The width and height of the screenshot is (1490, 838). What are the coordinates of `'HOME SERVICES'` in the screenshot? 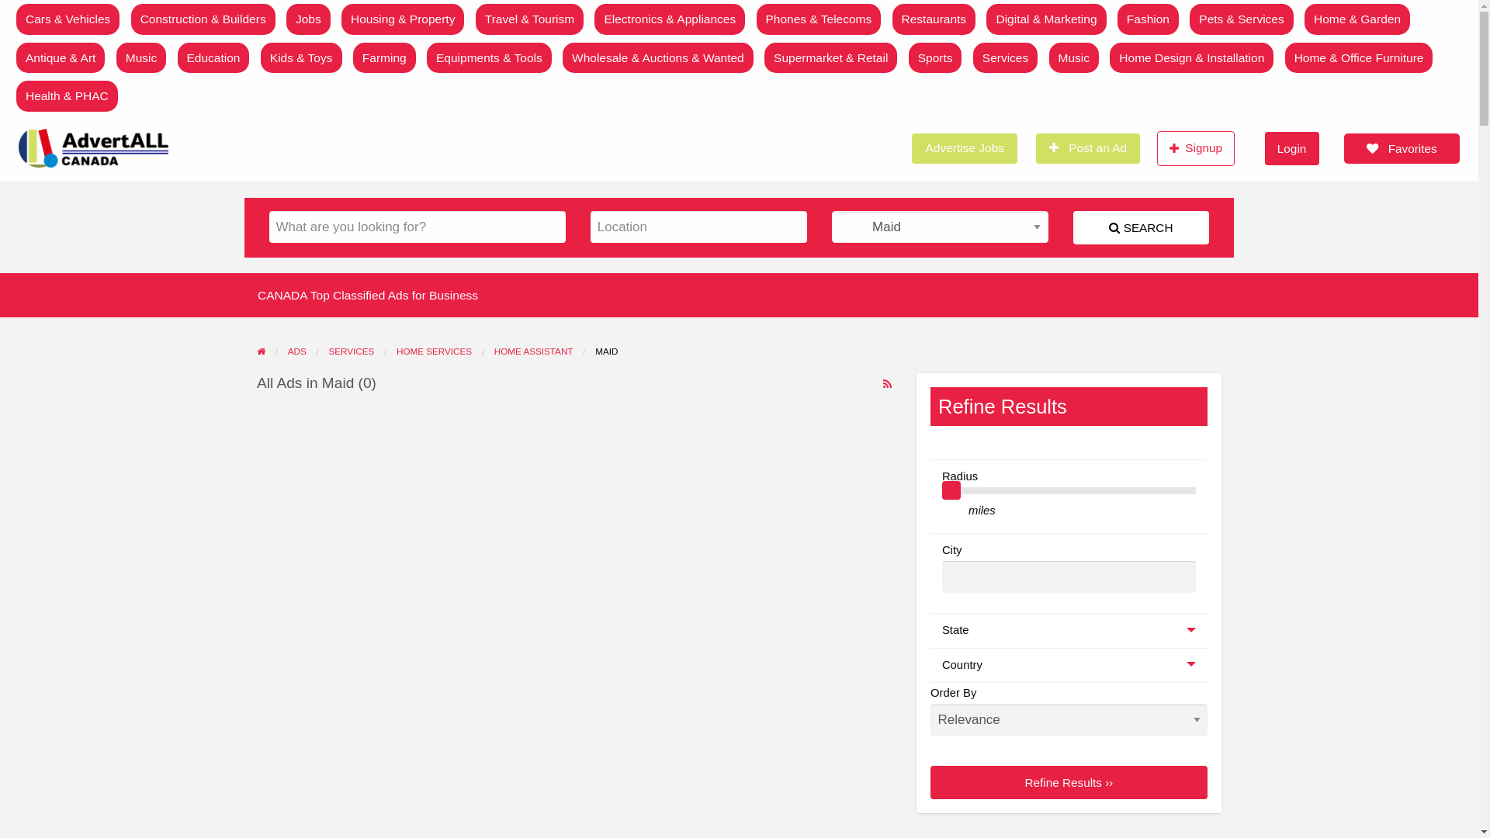 It's located at (434, 351).